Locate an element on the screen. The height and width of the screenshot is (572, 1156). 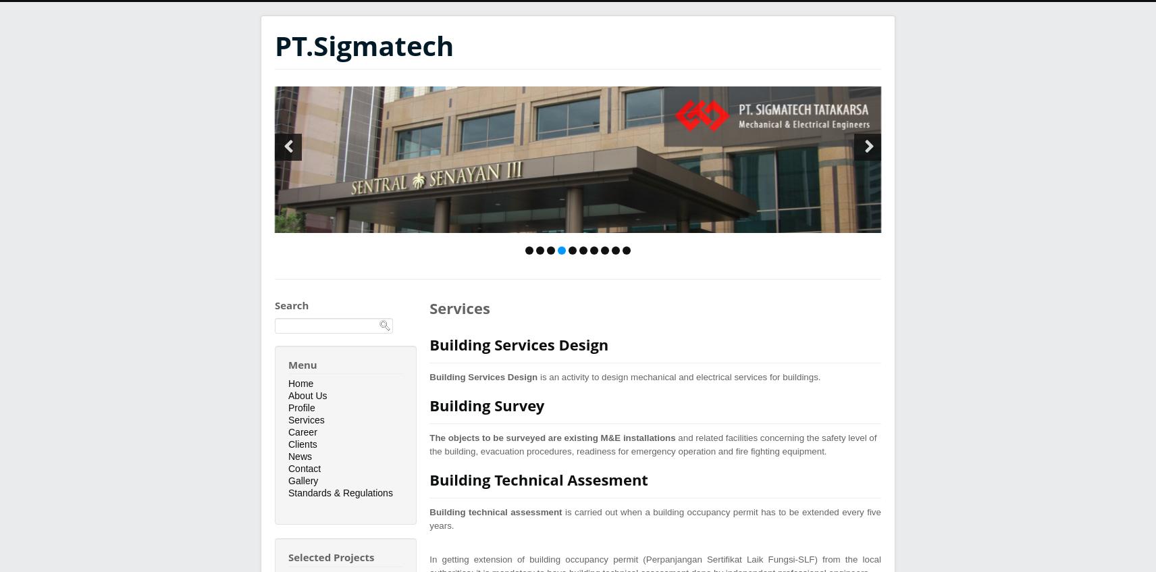
'Building Survey' is located at coordinates (486, 405).